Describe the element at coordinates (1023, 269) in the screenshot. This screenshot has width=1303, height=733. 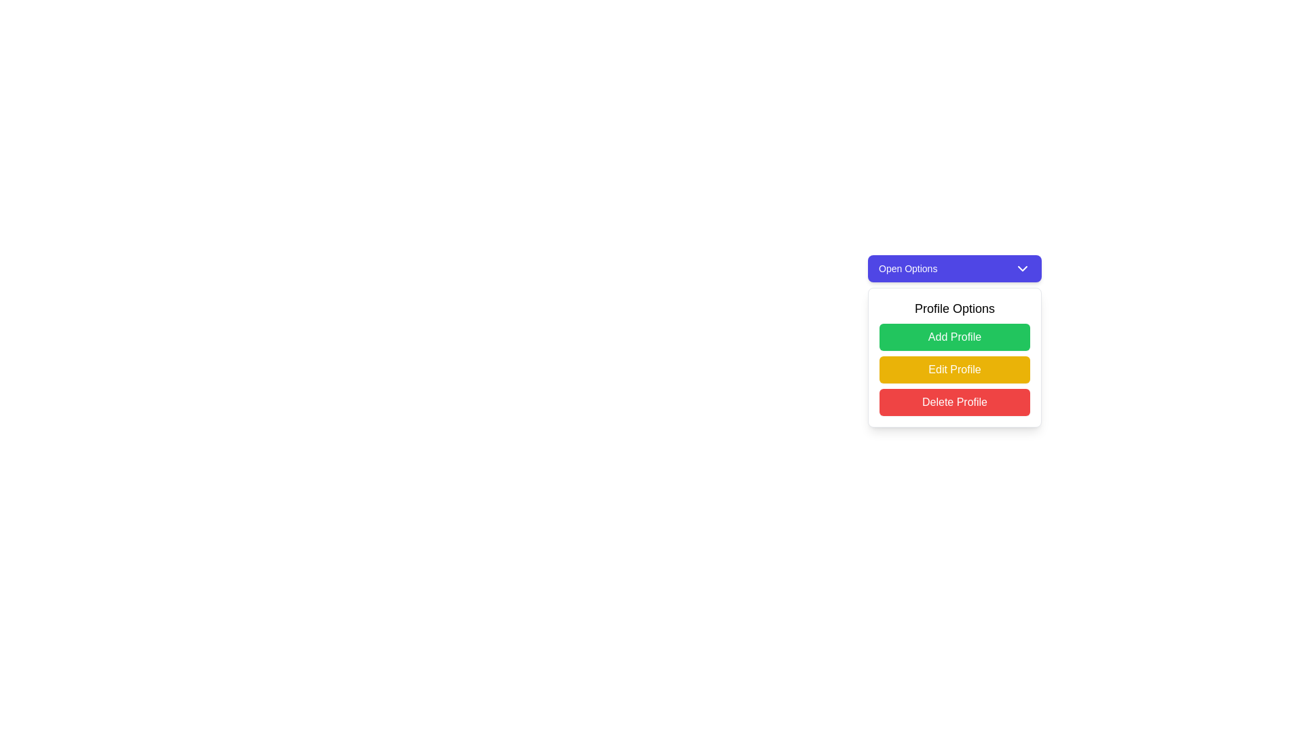
I see `the downward-pointing chevron-style dropdown indicator icon located at the right edge of the 'Open Options' button` at that location.